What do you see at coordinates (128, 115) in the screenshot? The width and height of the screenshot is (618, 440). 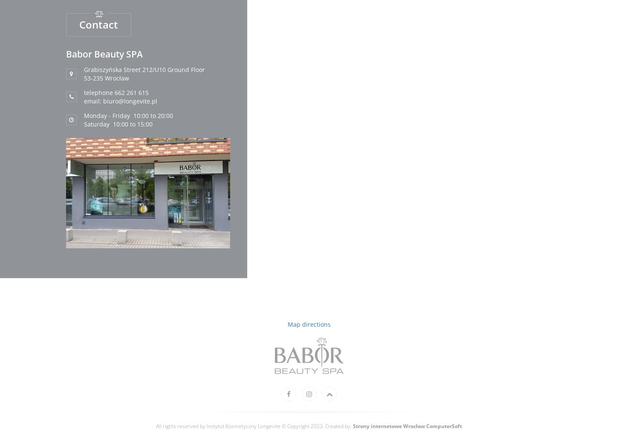 I see `'Monday - Friday  10:00 to 20:00'` at bounding box center [128, 115].